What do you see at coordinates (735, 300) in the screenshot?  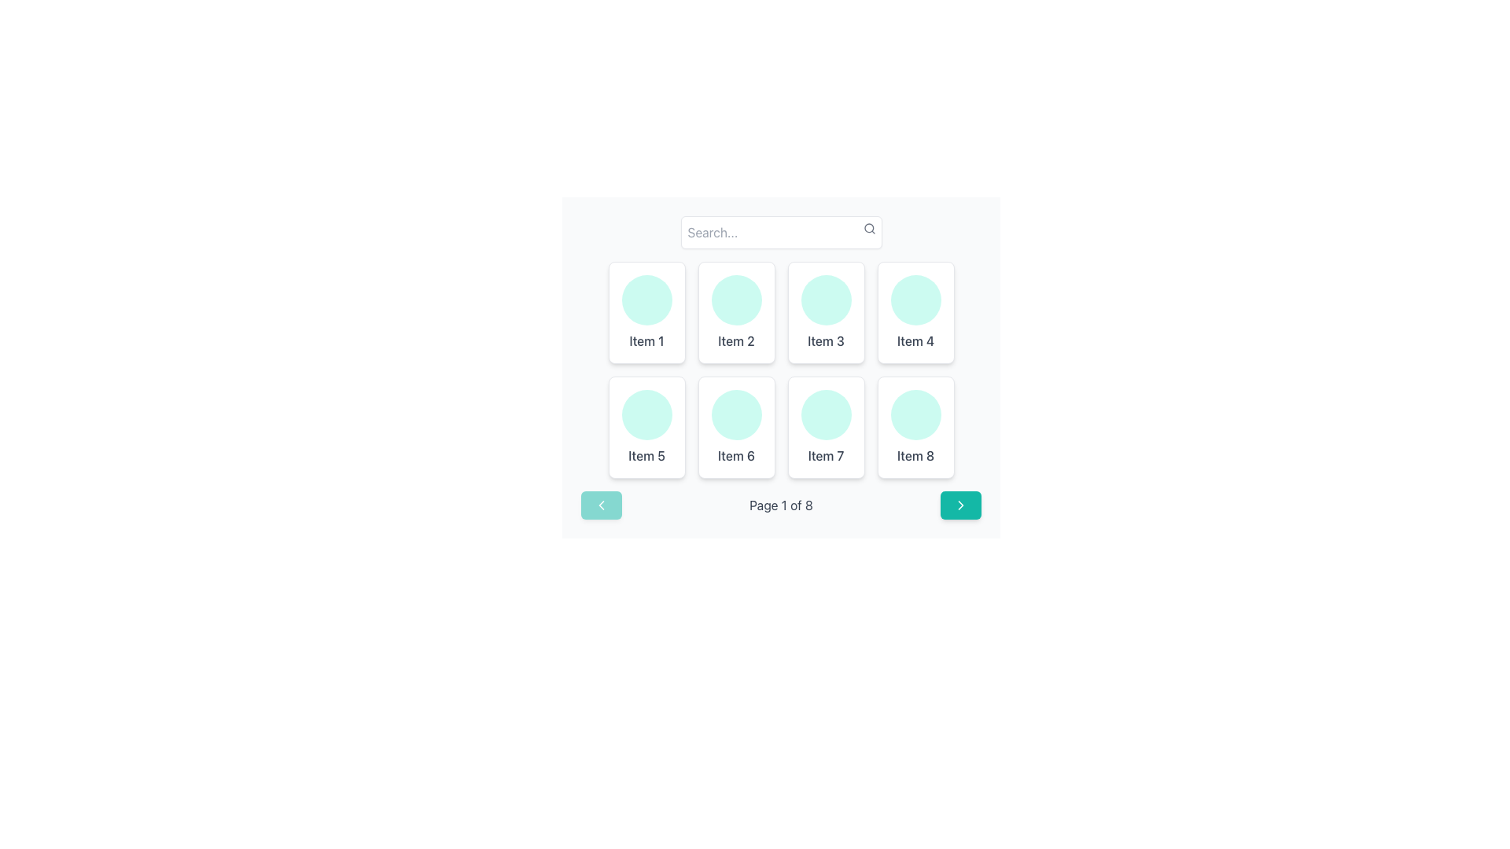 I see `the circular decorative element located centrally within the card labeled 'Item 2' in the first row, second column of the grid layout` at bounding box center [735, 300].